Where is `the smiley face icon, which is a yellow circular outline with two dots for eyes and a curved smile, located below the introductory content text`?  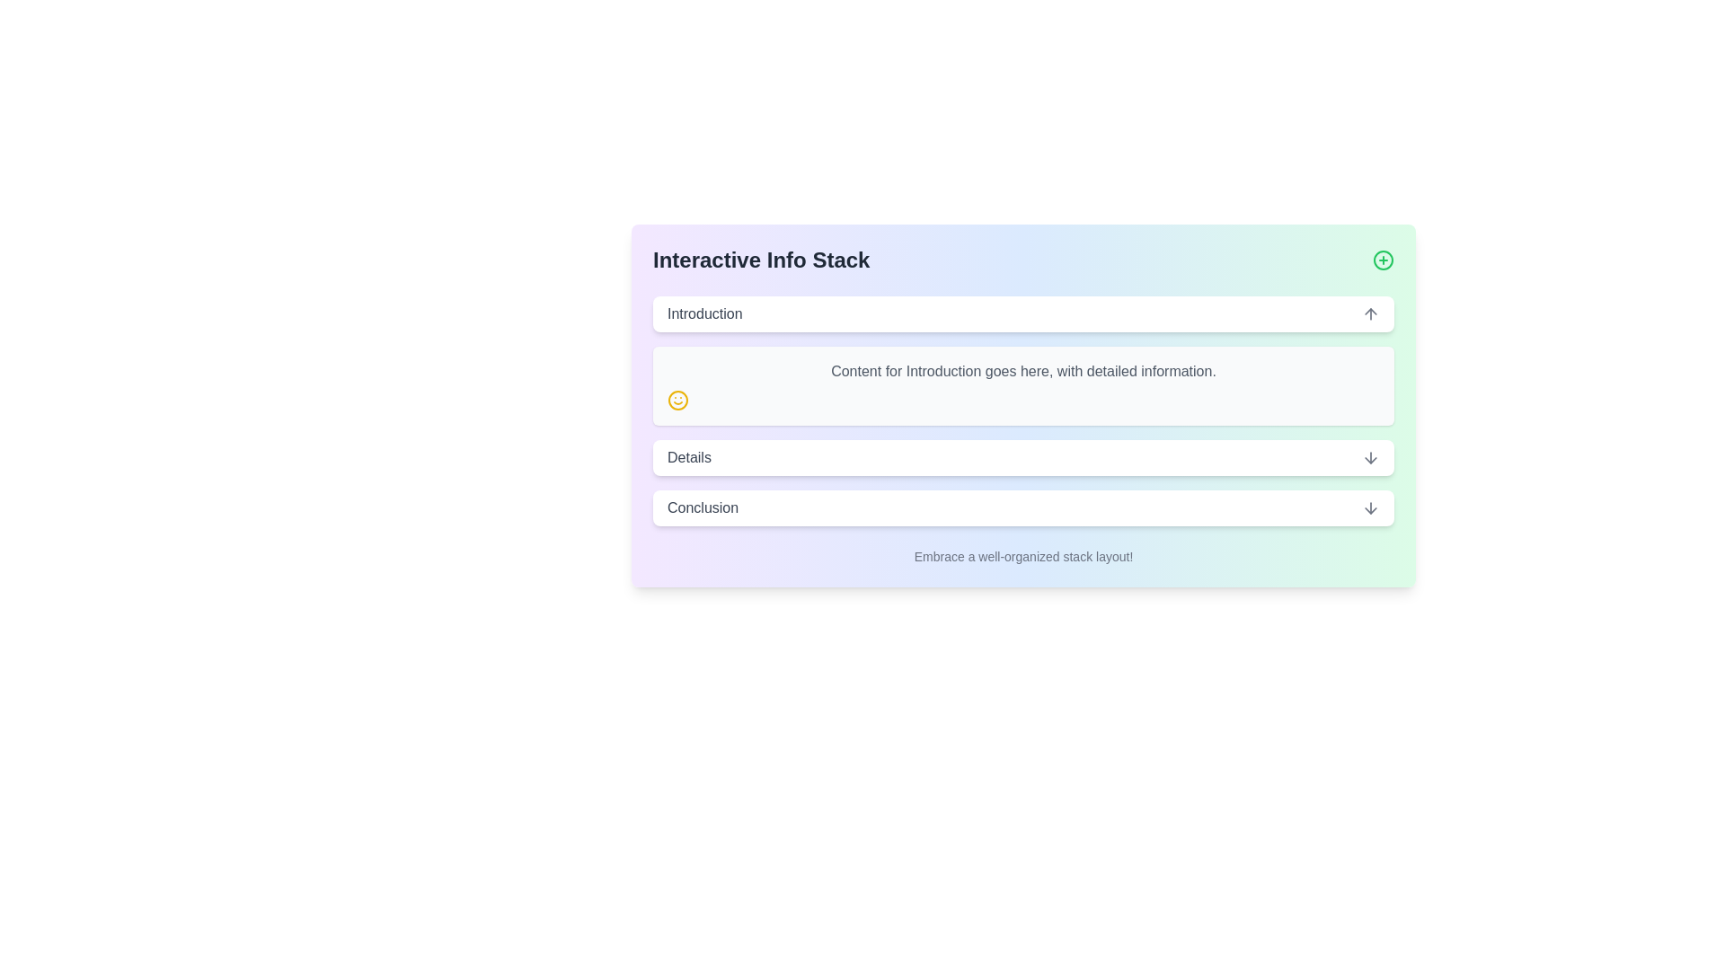
the smiley face icon, which is a yellow circular outline with two dots for eyes and a curved smile, located below the introductory content text is located at coordinates (677, 400).